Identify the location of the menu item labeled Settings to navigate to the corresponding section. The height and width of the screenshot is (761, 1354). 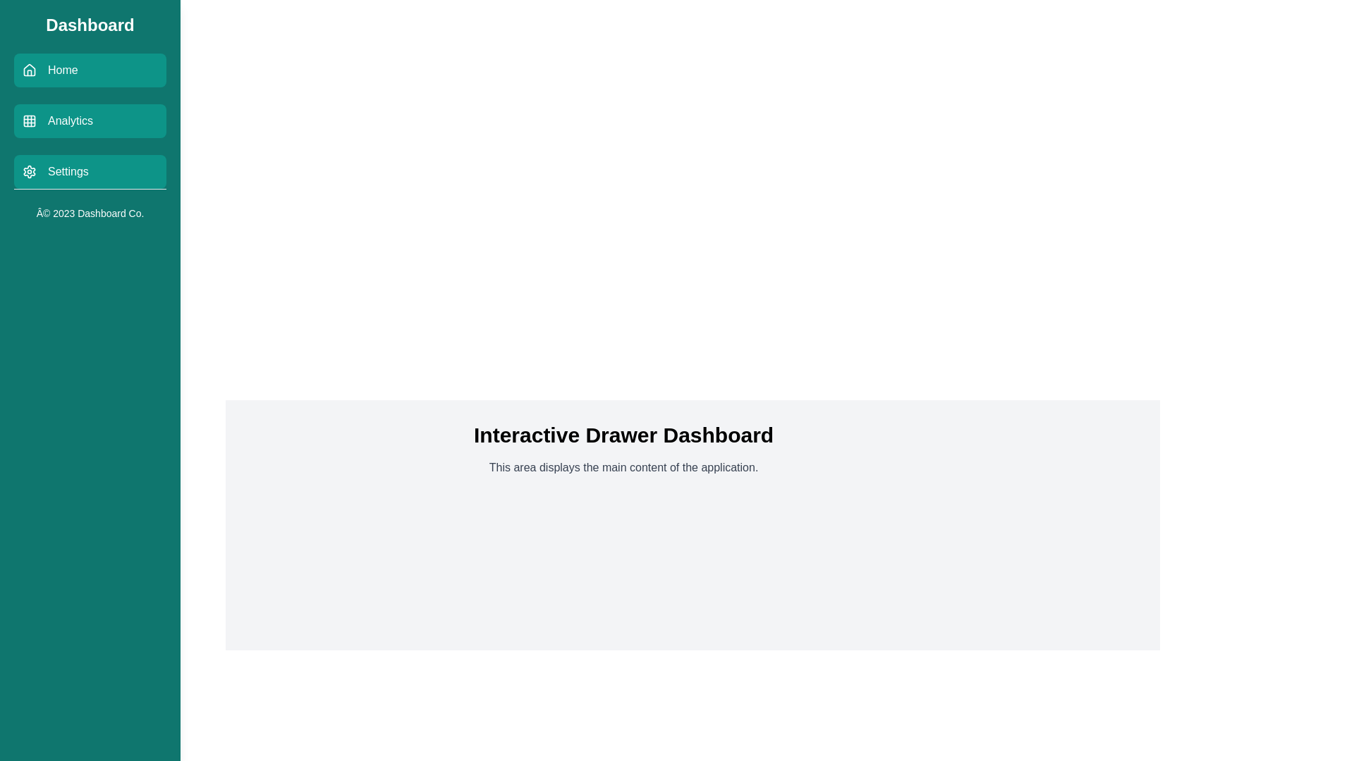
(90, 171).